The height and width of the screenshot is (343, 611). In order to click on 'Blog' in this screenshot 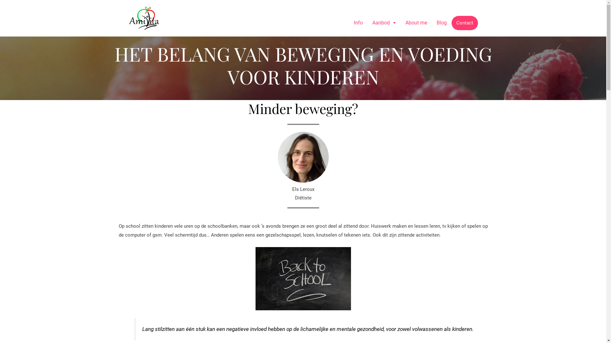, I will do `click(441, 23)`.